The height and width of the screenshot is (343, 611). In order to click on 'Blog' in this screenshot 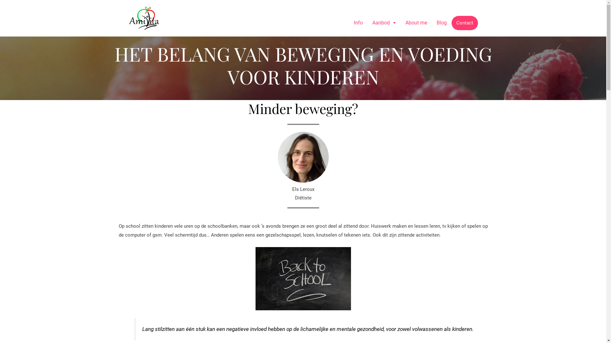, I will do `click(441, 23)`.